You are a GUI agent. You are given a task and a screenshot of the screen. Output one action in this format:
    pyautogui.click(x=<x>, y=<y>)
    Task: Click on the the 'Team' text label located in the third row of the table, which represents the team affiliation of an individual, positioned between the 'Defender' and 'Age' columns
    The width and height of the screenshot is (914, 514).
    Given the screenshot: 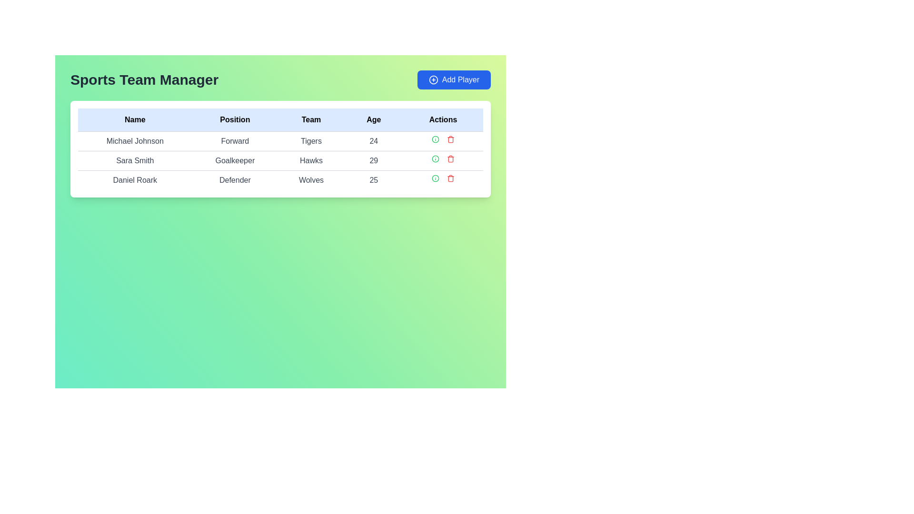 What is the action you would take?
    pyautogui.click(x=311, y=180)
    